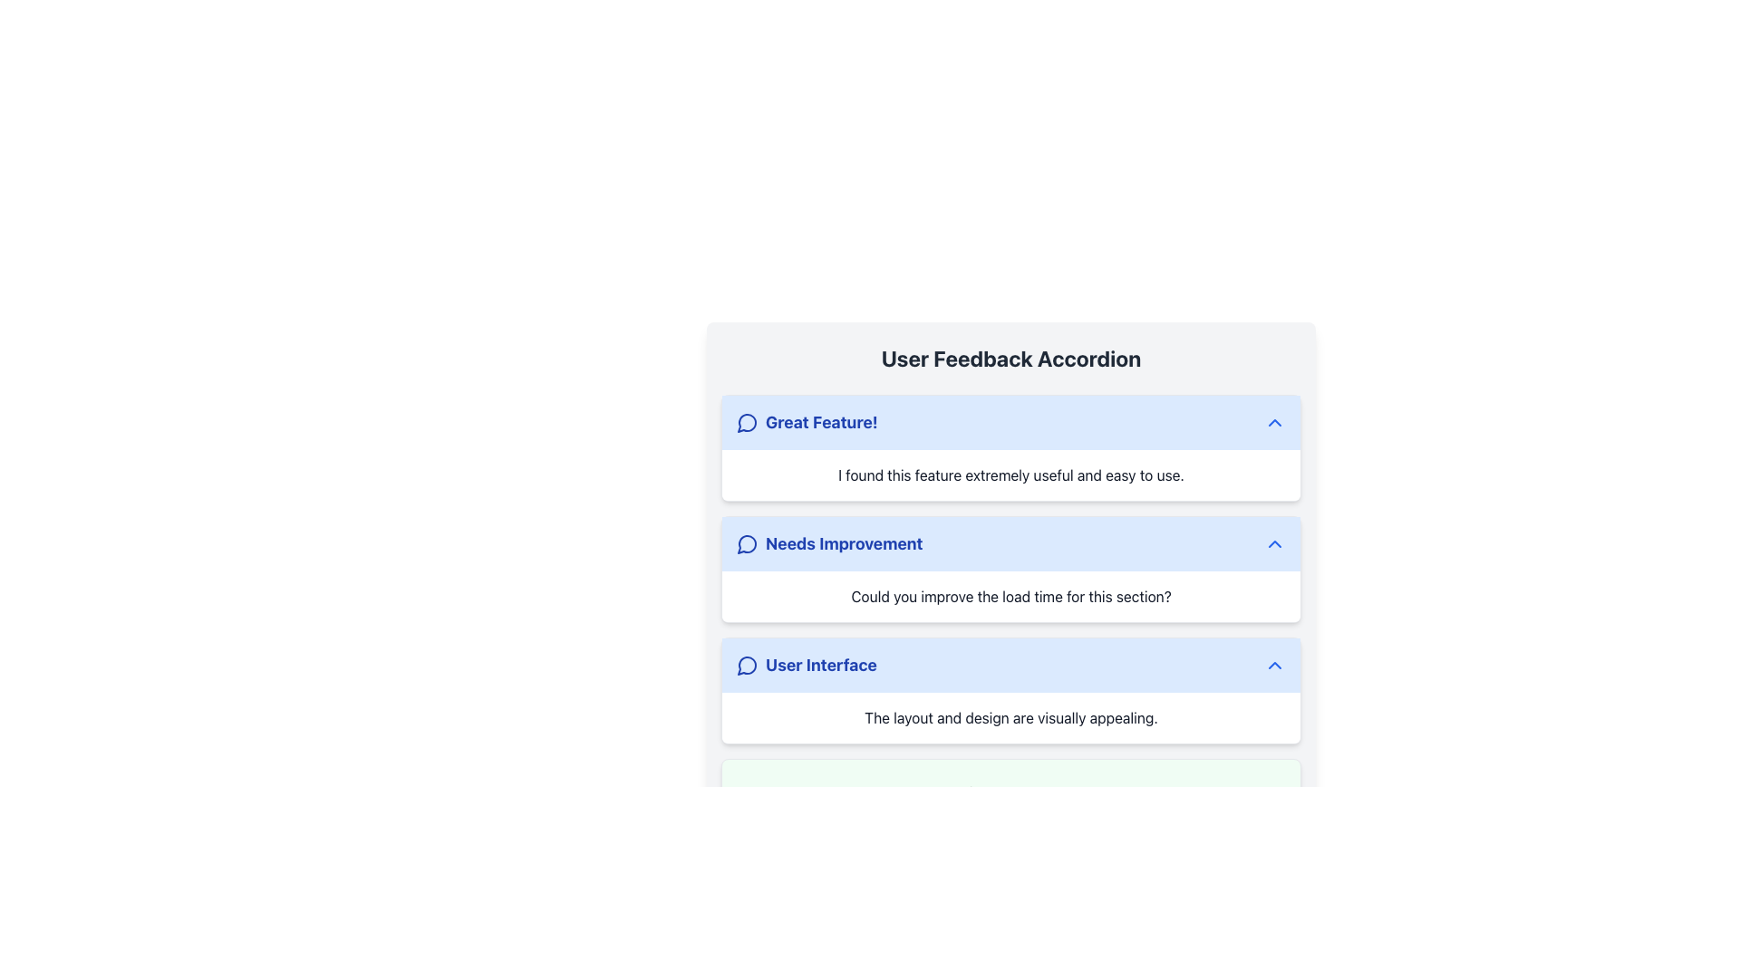 The height and width of the screenshot is (978, 1740). Describe the element at coordinates (806, 666) in the screenshot. I see `the 'User Interface' label with a message bubble icon to focus on related content` at that location.